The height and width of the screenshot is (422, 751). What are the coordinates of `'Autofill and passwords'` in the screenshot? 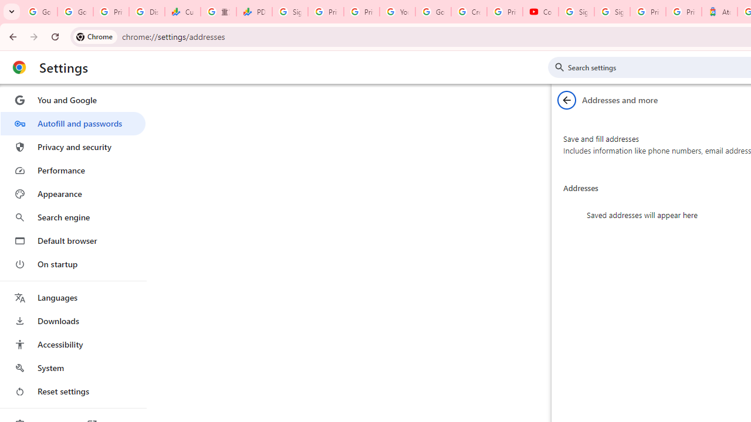 It's located at (72, 123).